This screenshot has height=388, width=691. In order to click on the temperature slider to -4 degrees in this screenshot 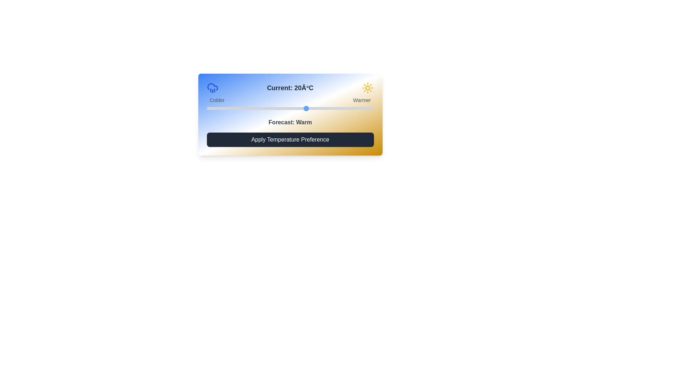, I will do `click(226, 108)`.